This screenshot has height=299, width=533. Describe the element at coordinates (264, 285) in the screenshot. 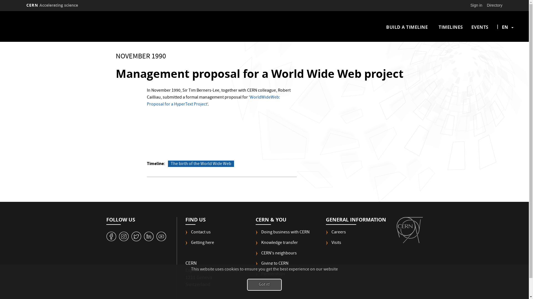

I see `'Got it!'` at that location.